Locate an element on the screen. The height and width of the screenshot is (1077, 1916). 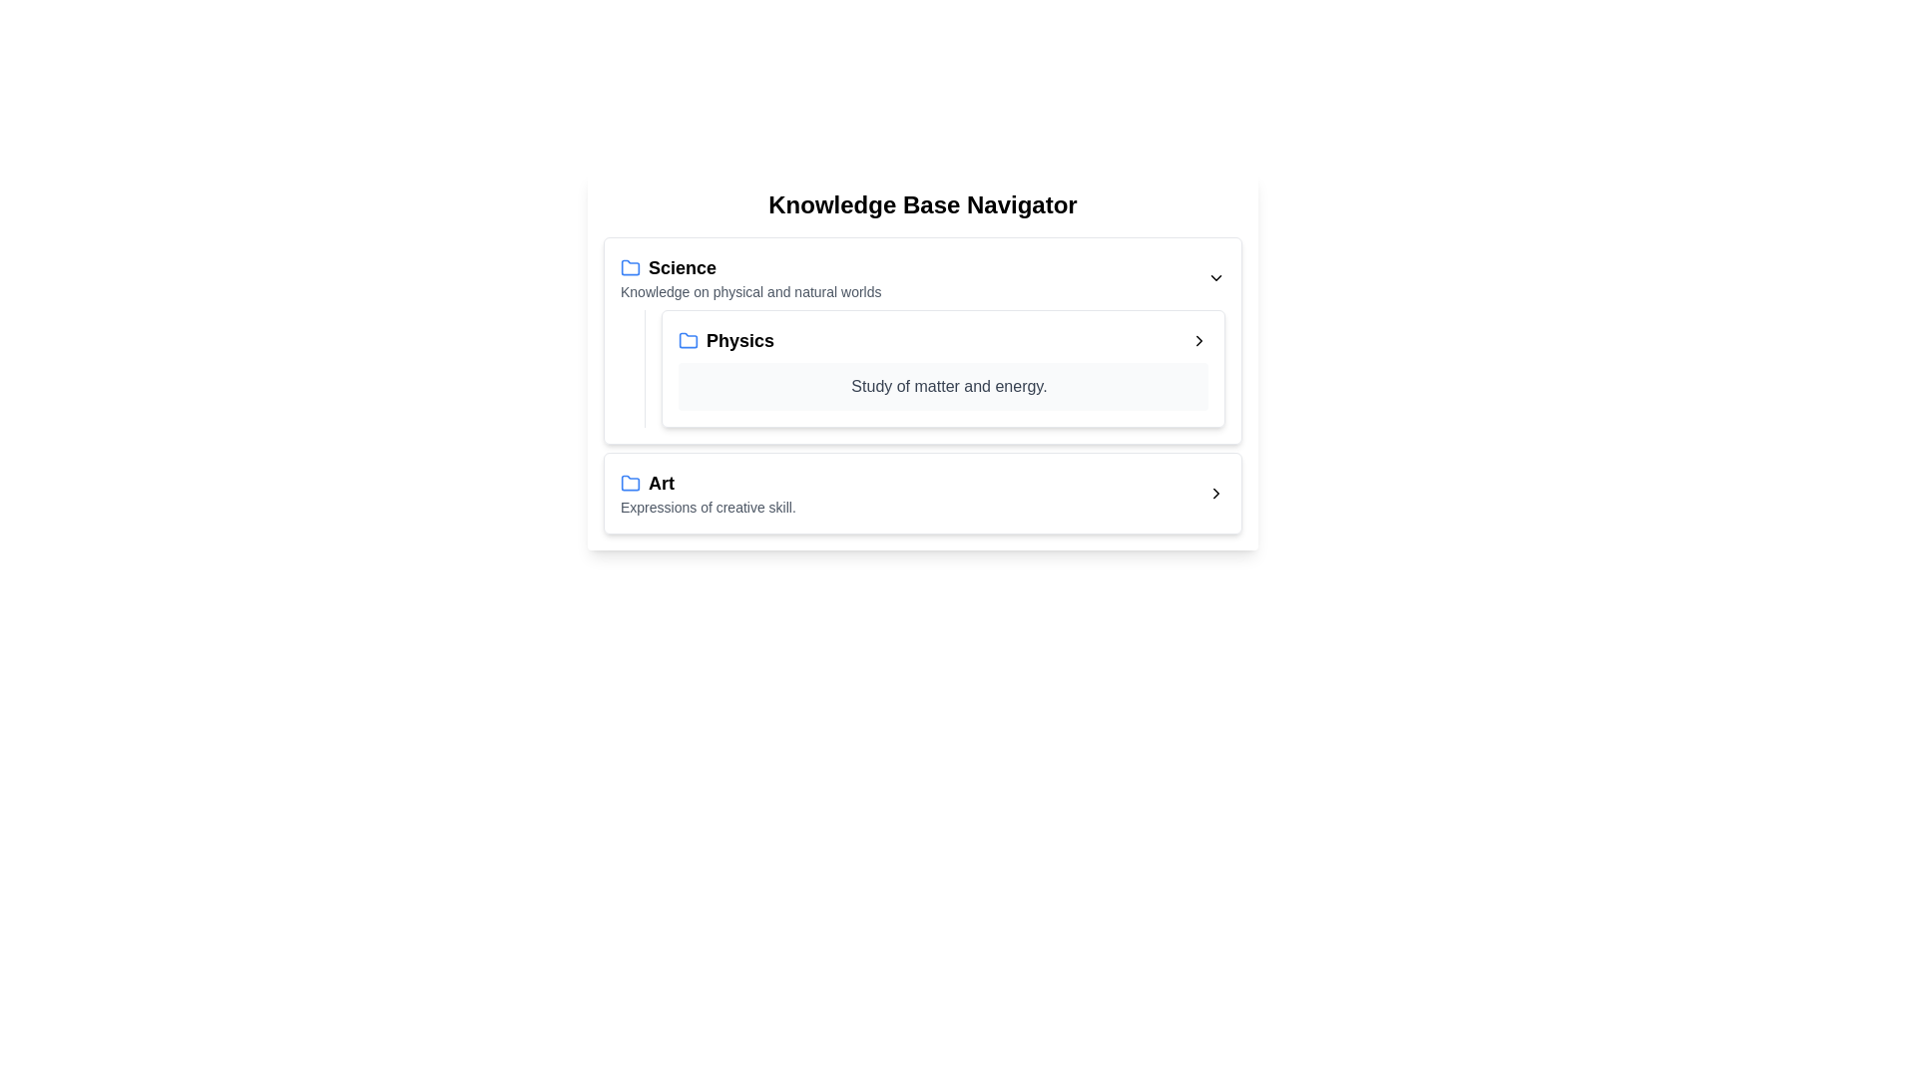
the descriptive text label that provides context about the 'Science' category, positioned below the 'Science' heading and adjacent to the folder icon is located at coordinates (749, 292).